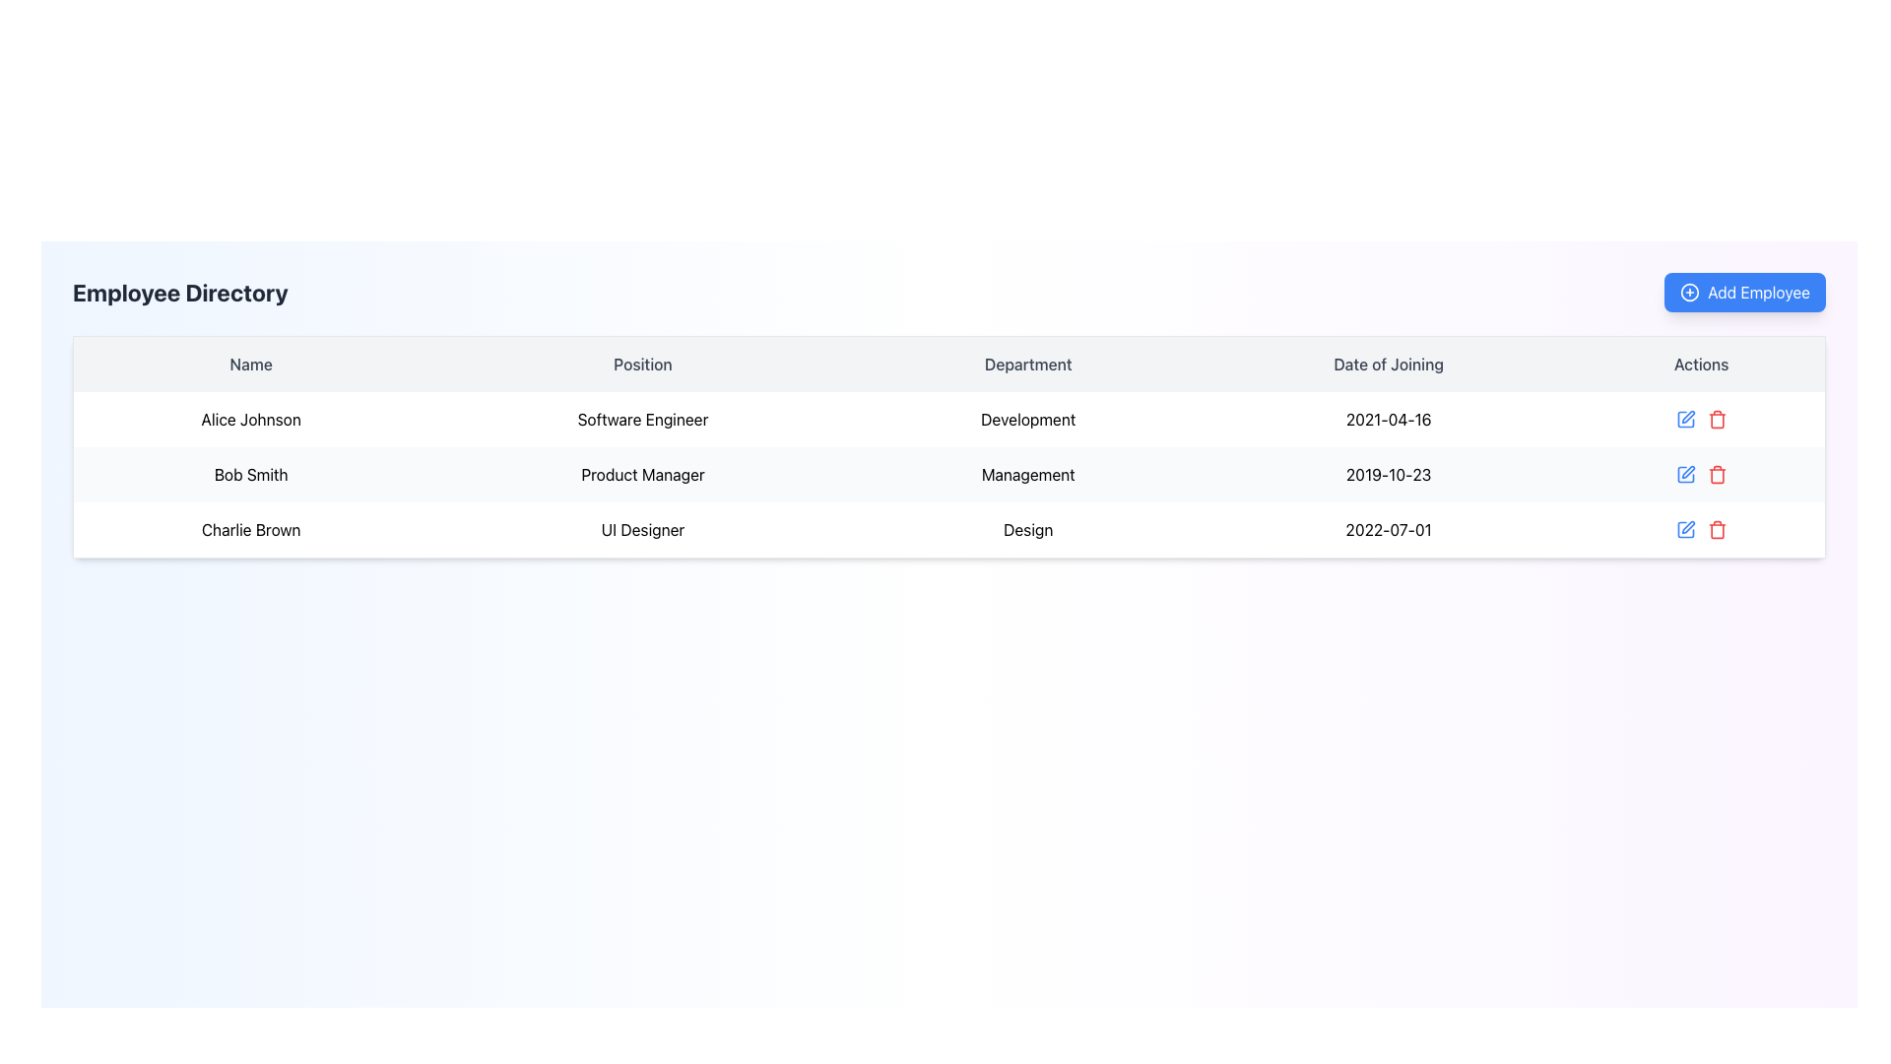 The image size is (1891, 1064). Describe the element at coordinates (1388, 529) in the screenshot. I see `displayed date '2022-07-01' from the 'Date of Joining' column entry for employee 'Charlie Brown' in the 'Employee Directory' table, which is centrally aligned in its column` at that location.